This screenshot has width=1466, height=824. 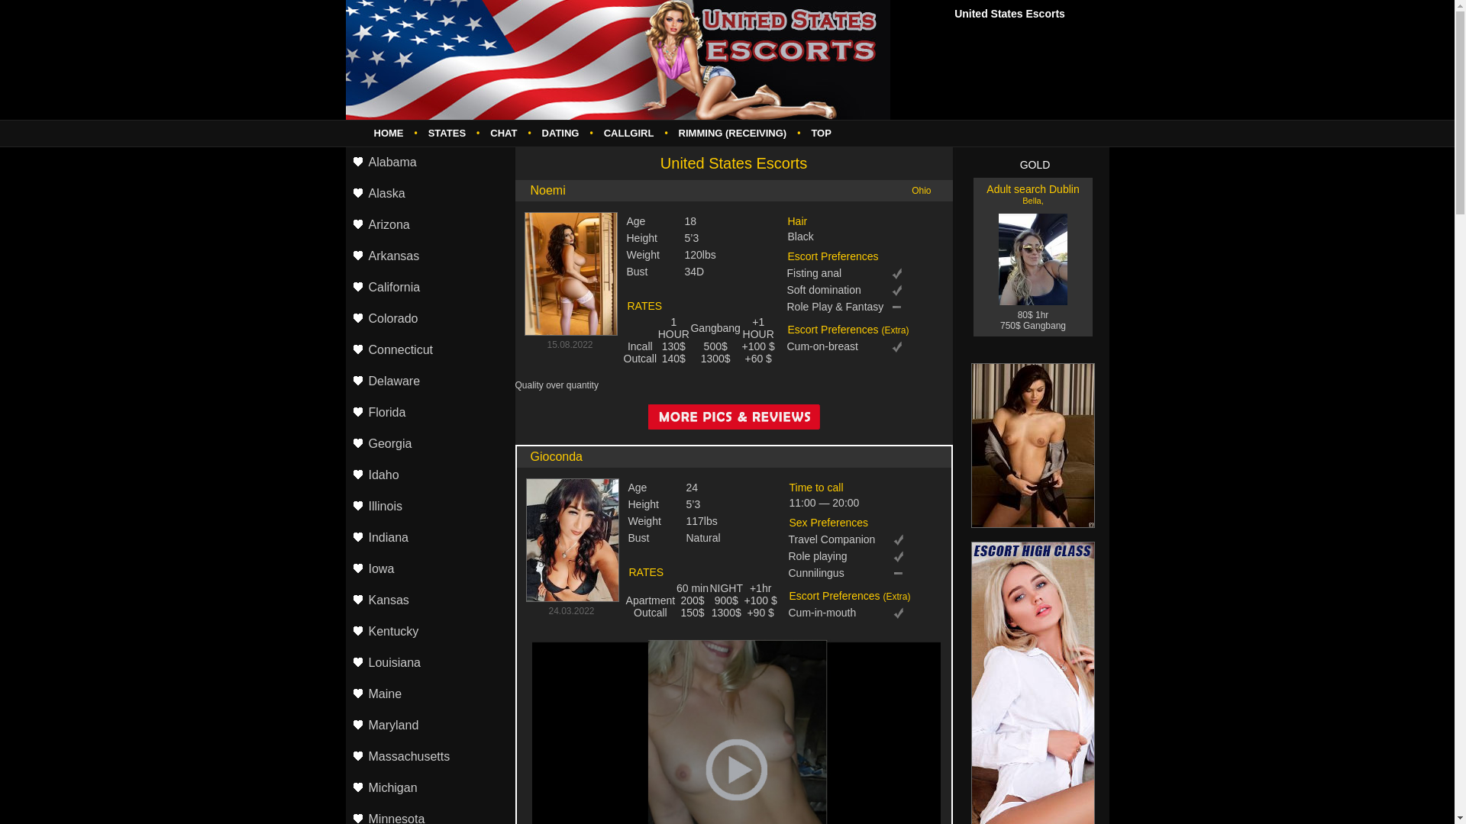 I want to click on 'Illinois', so click(x=428, y=507).